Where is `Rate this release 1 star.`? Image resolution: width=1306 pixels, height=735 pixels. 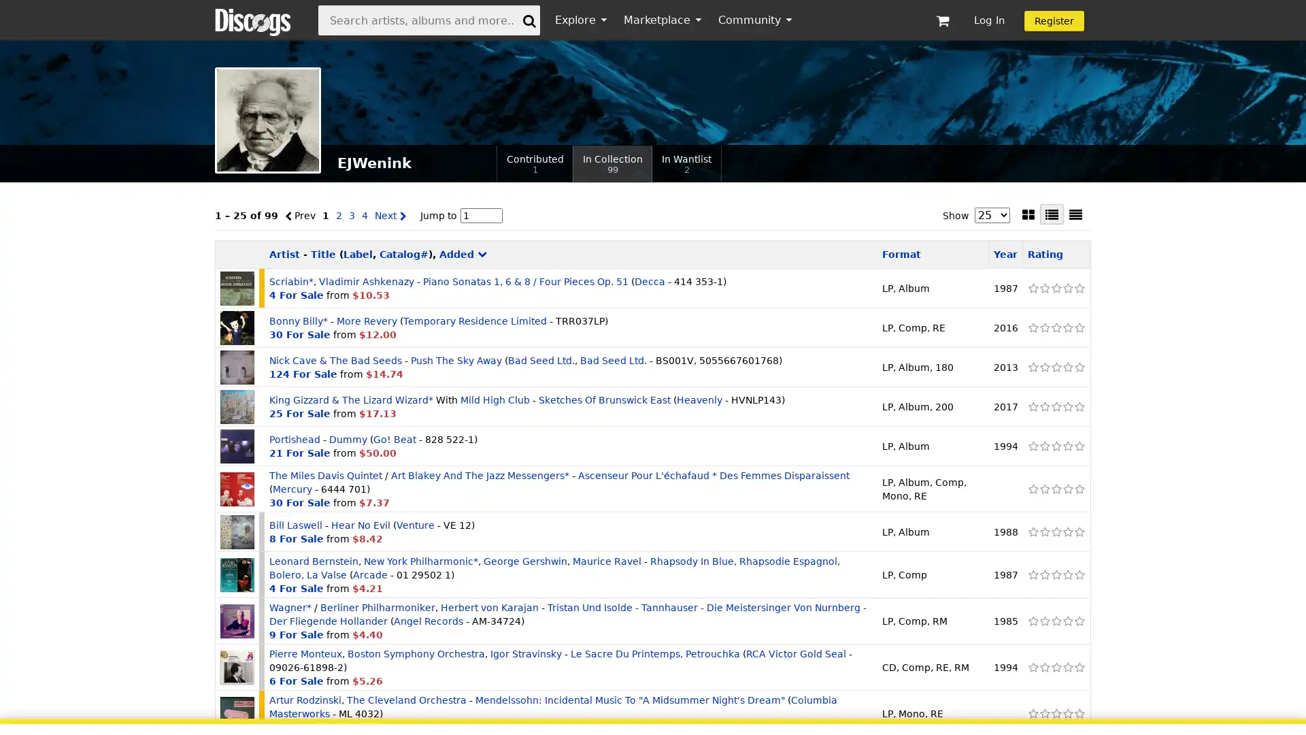 Rate this release 1 star. is located at coordinates (1033, 666).